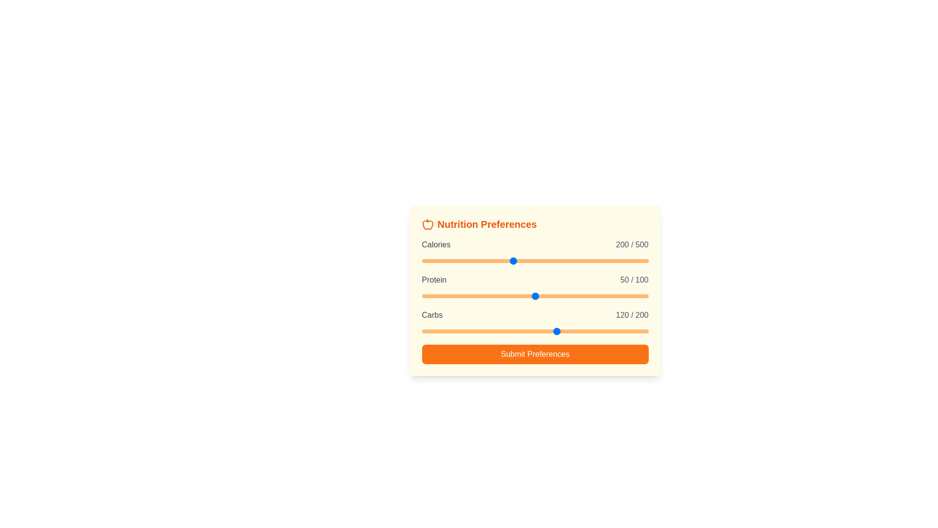 This screenshot has width=938, height=528. I want to click on the static text element that displays the user's current and target carbohydrate levels, located at the right-hand side of the 'Carbs' row in the nutrition preferences section, so click(632, 315).